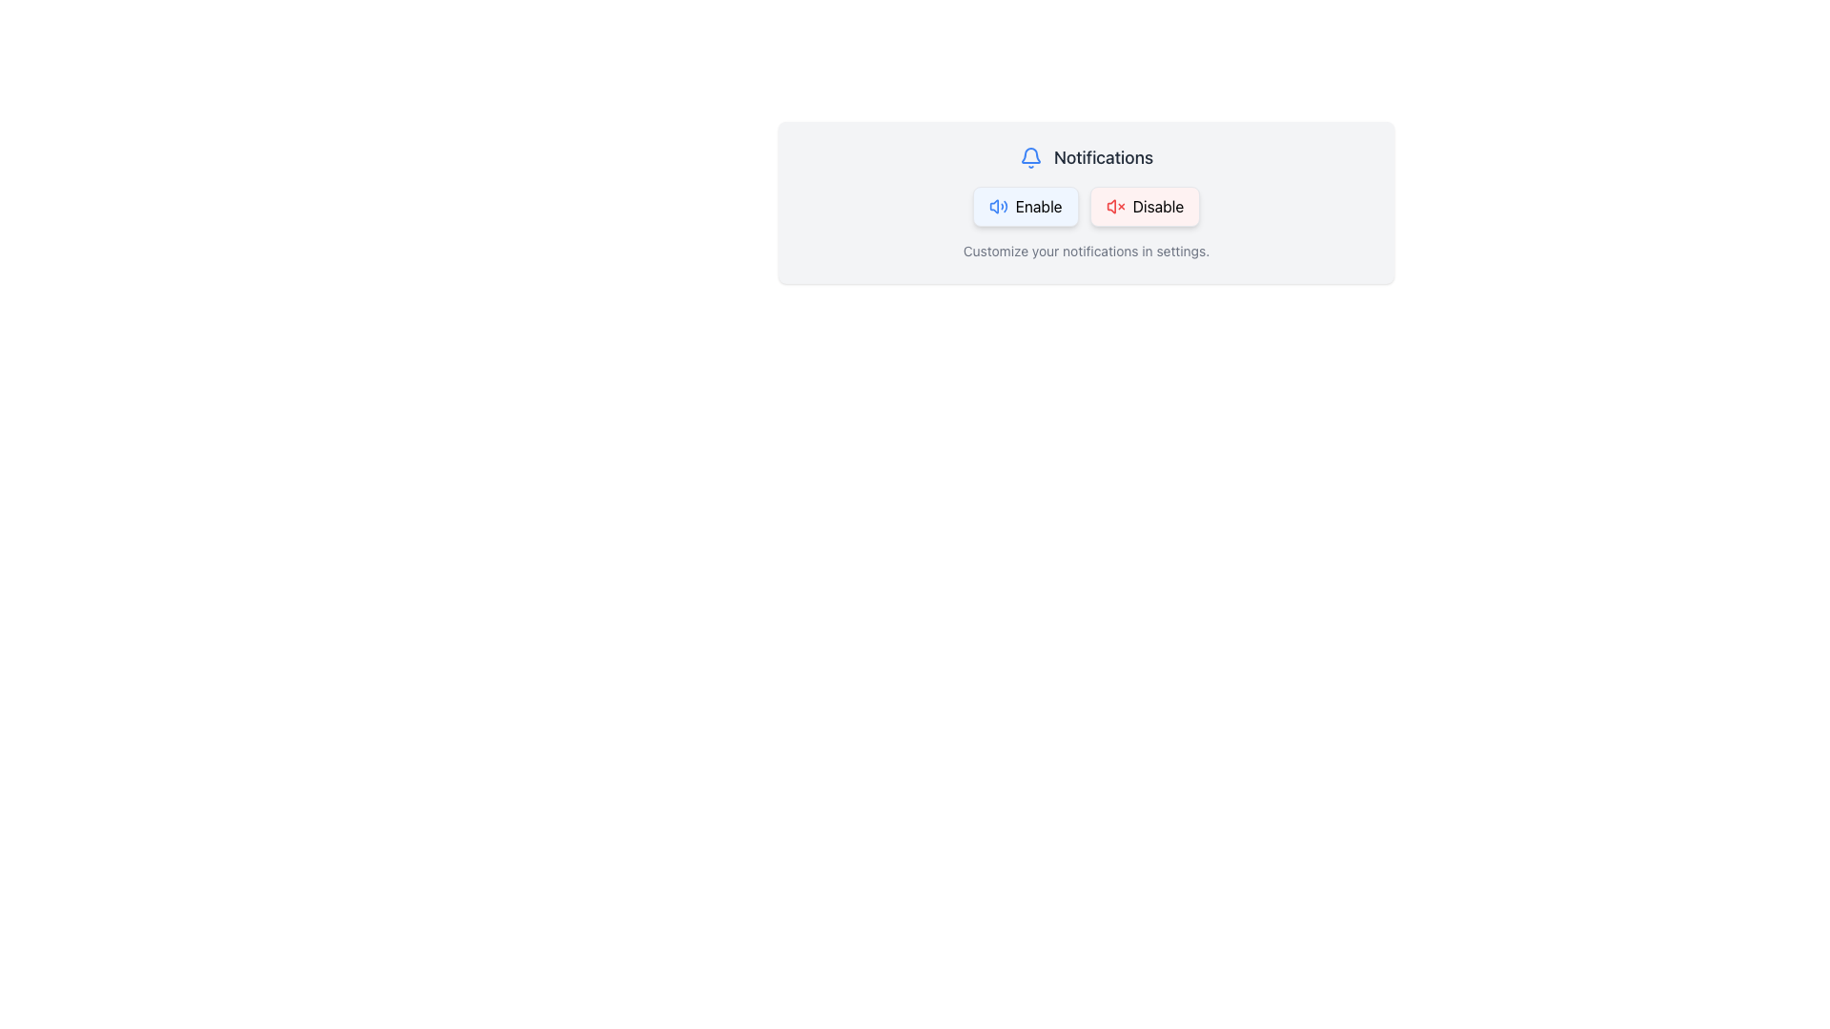 This screenshot has height=1029, width=1830. Describe the element at coordinates (1144, 206) in the screenshot. I see `the 'Disable Notifications' button located to the right of the 'Enable' button in the 'Notifications' section` at that location.